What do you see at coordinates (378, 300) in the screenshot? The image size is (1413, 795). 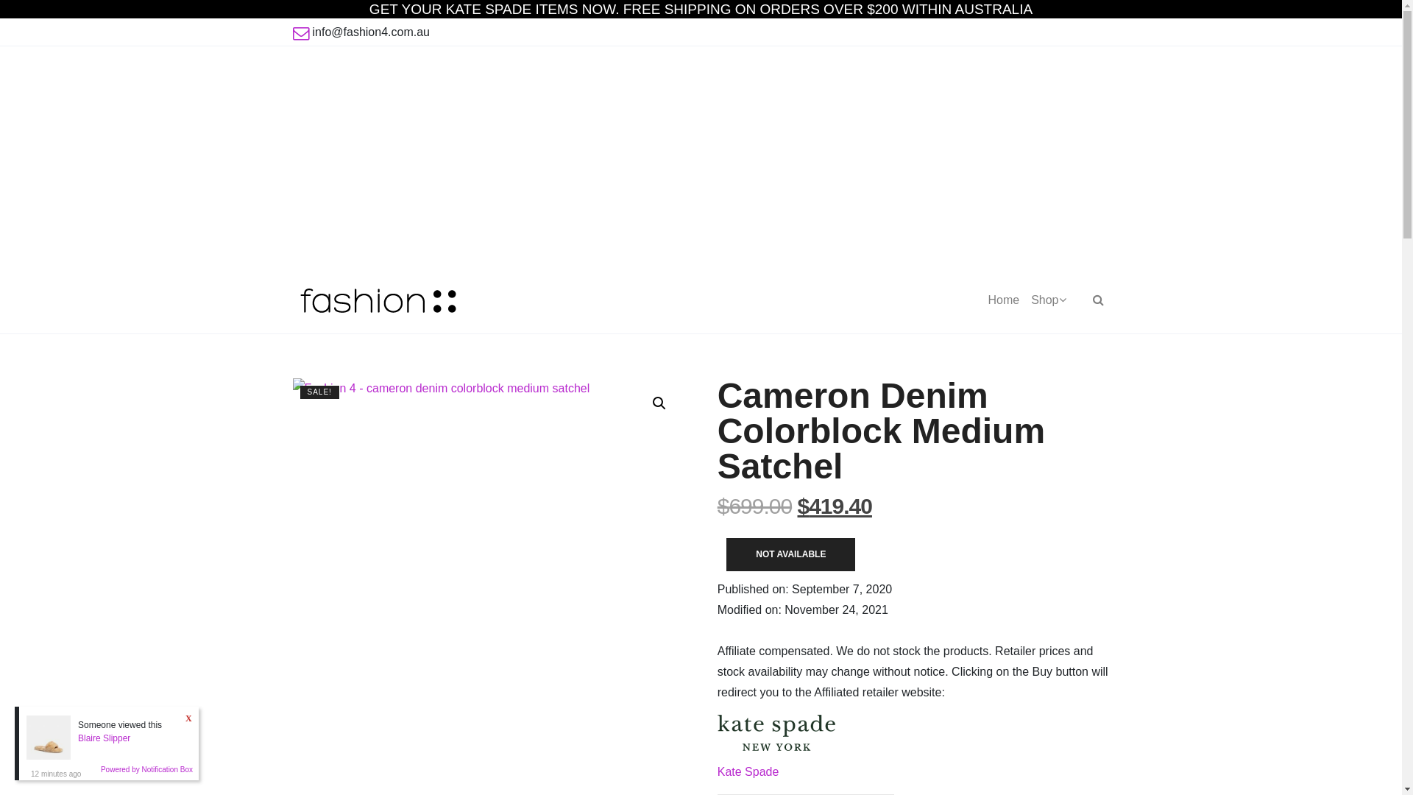 I see `'Fashion 4'` at bounding box center [378, 300].